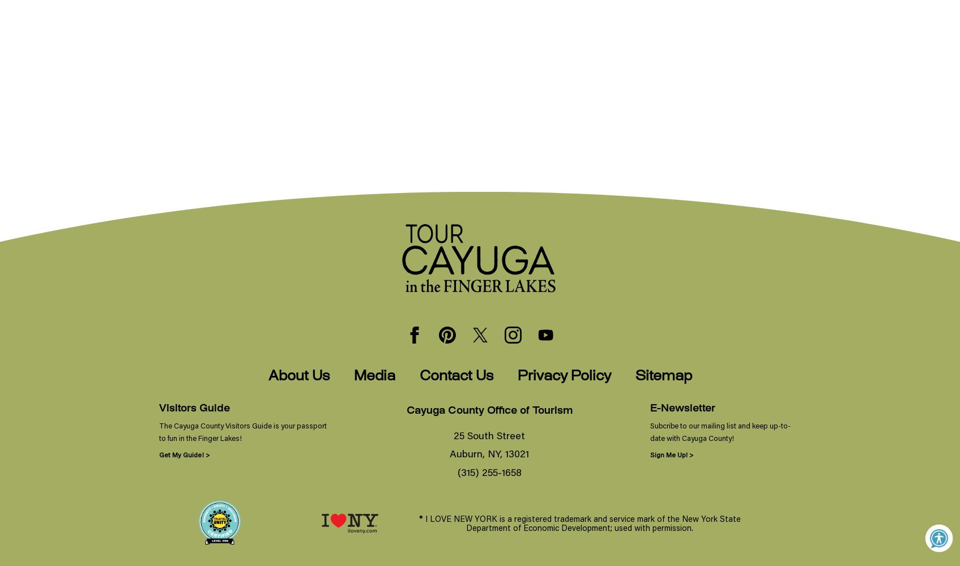 Image resolution: width=960 pixels, height=566 pixels. What do you see at coordinates (242, 431) in the screenshot?
I see `'The Cayuga County Visitors Guide is your passport to fun in the Finger Lakes!'` at bounding box center [242, 431].